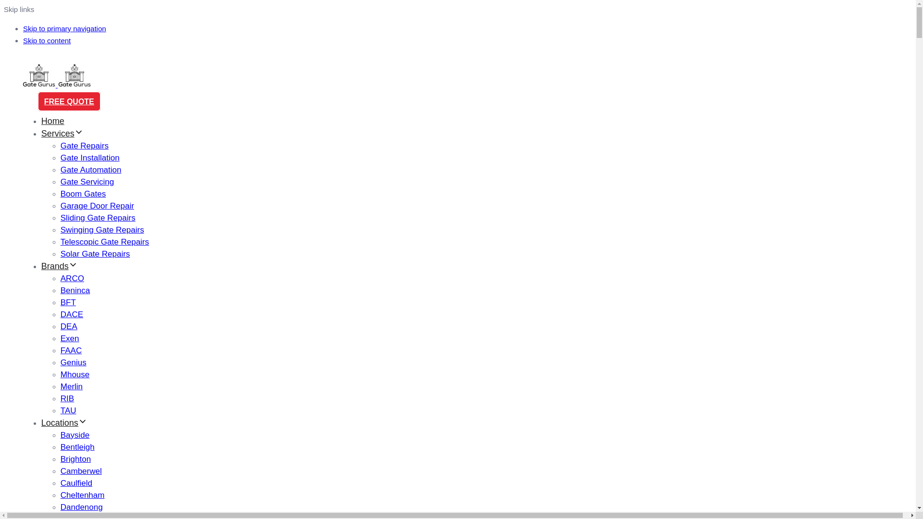 This screenshot has height=519, width=923. Describe the element at coordinates (60, 326) in the screenshot. I see `'DEA'` at that location.